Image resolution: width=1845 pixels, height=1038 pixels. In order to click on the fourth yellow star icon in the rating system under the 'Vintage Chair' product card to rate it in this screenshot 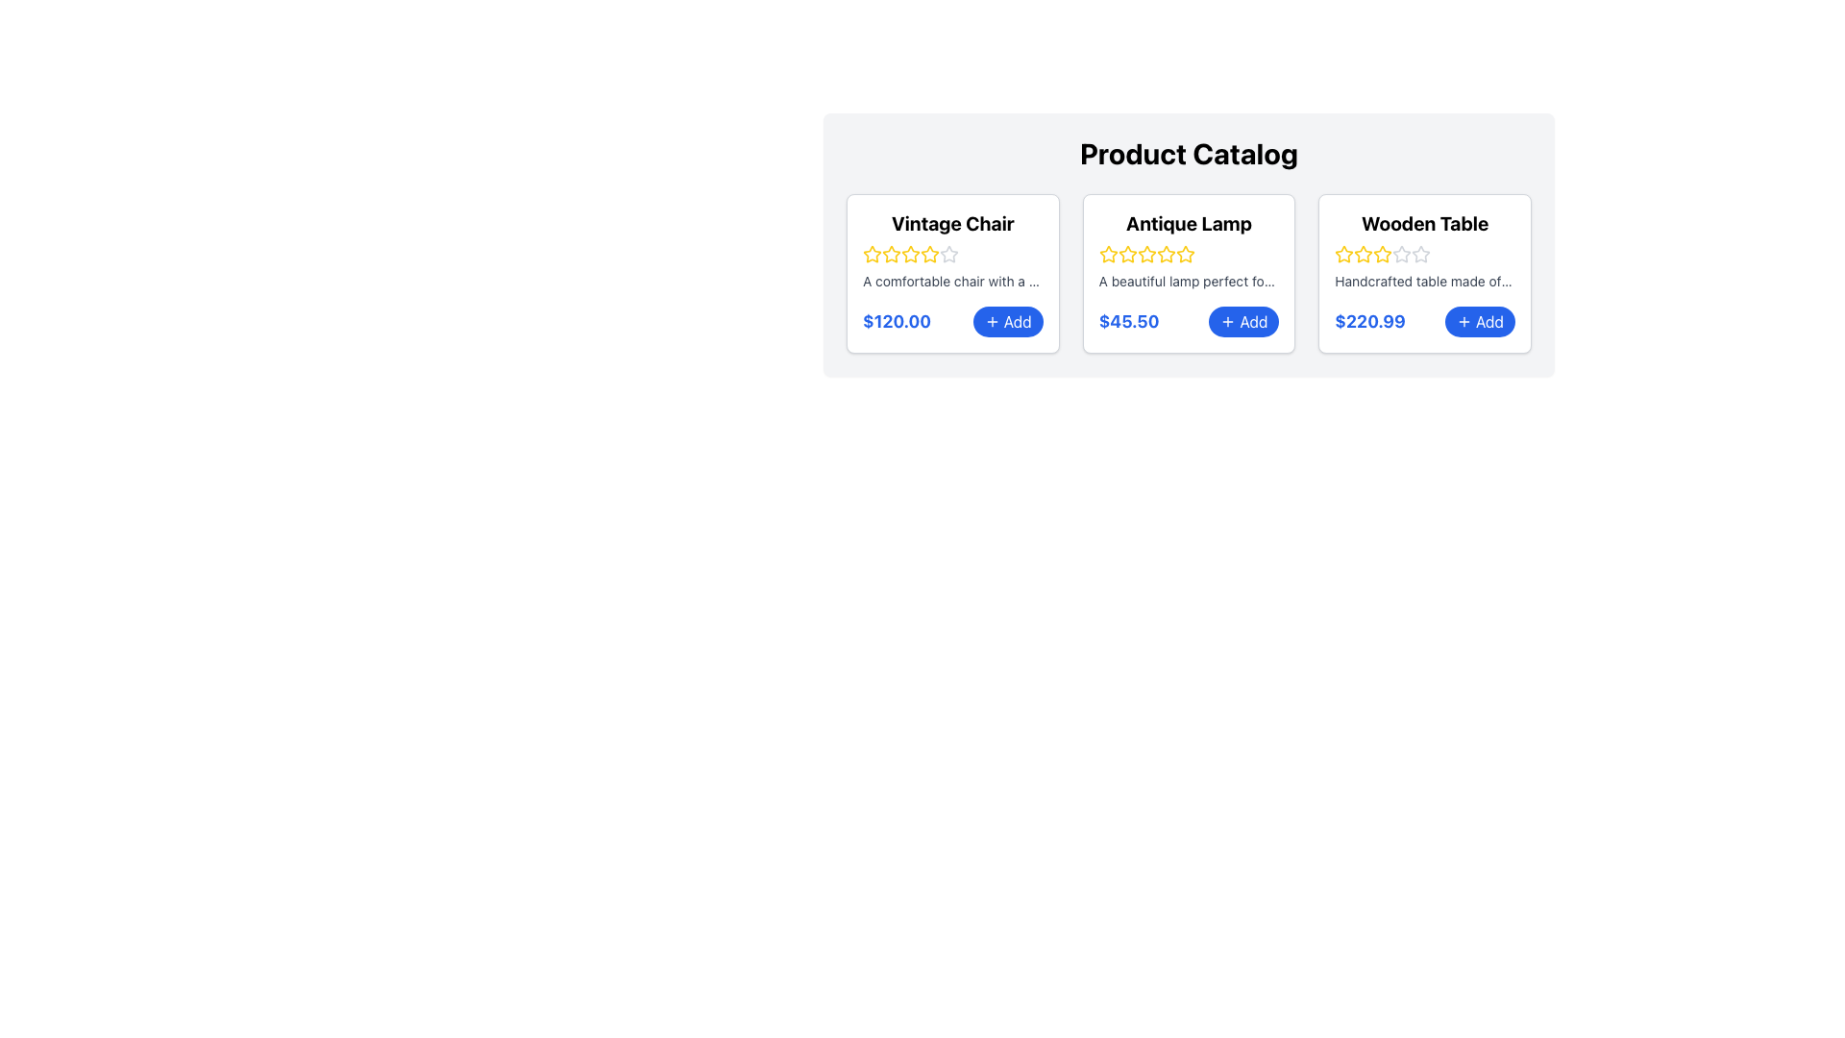, I will do `click(910, 254)`.